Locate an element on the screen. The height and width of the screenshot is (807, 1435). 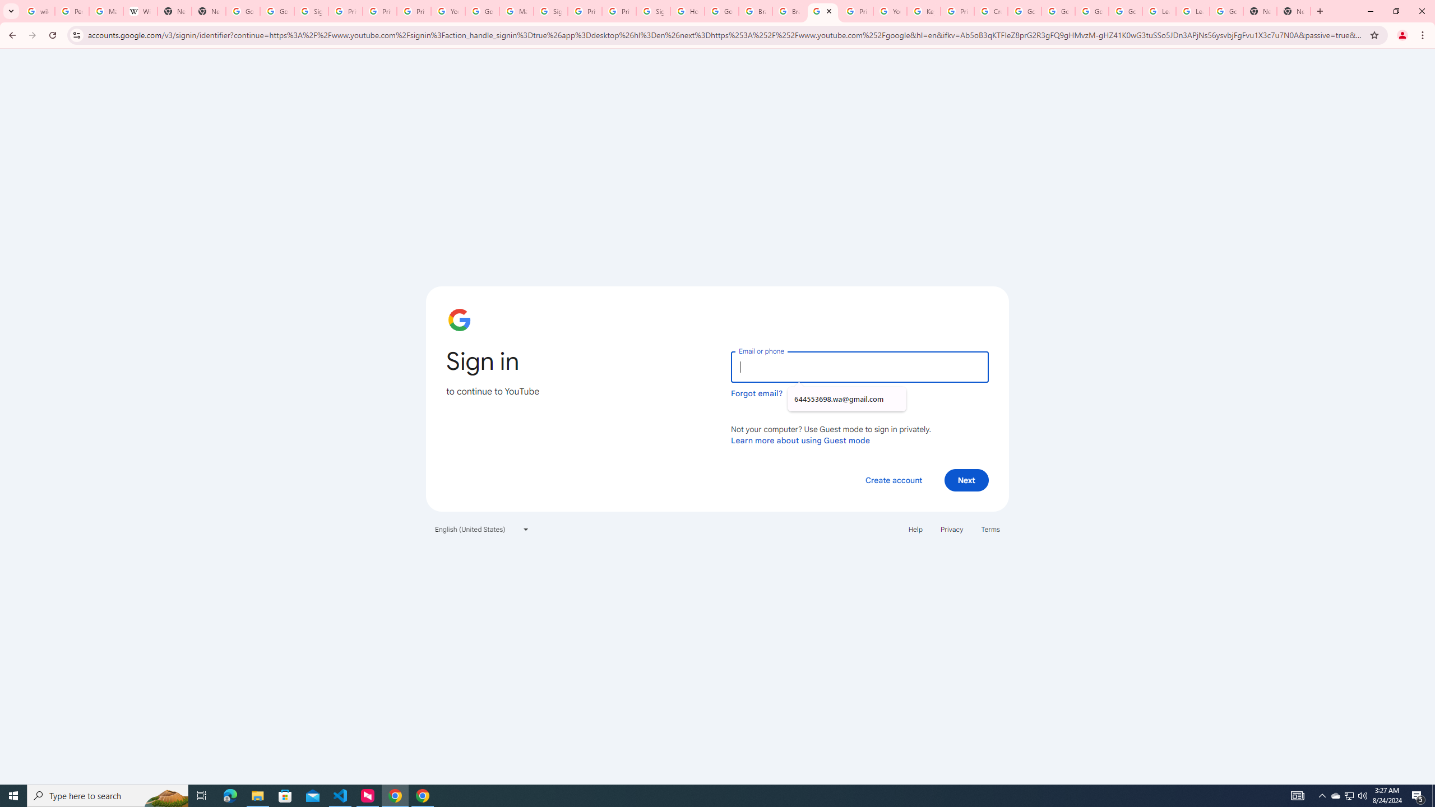
'Email or phone' is located at coordinates (859, 367).